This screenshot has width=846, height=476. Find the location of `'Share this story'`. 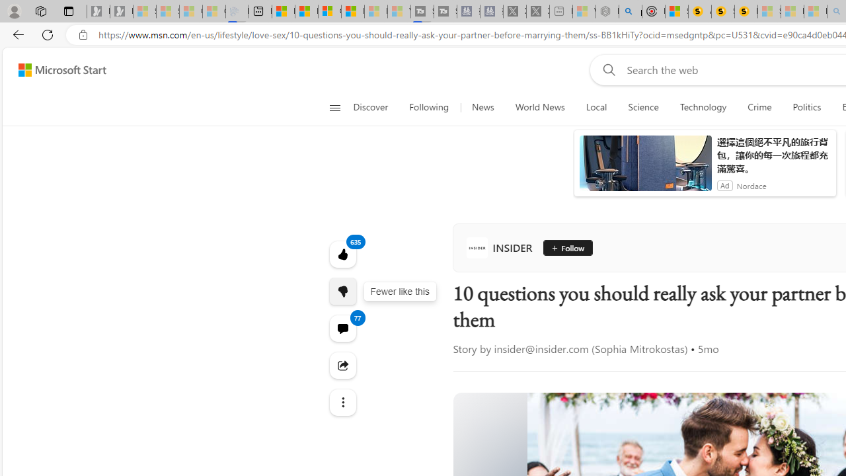

'Share this story' is located at coordinates (342, 365).